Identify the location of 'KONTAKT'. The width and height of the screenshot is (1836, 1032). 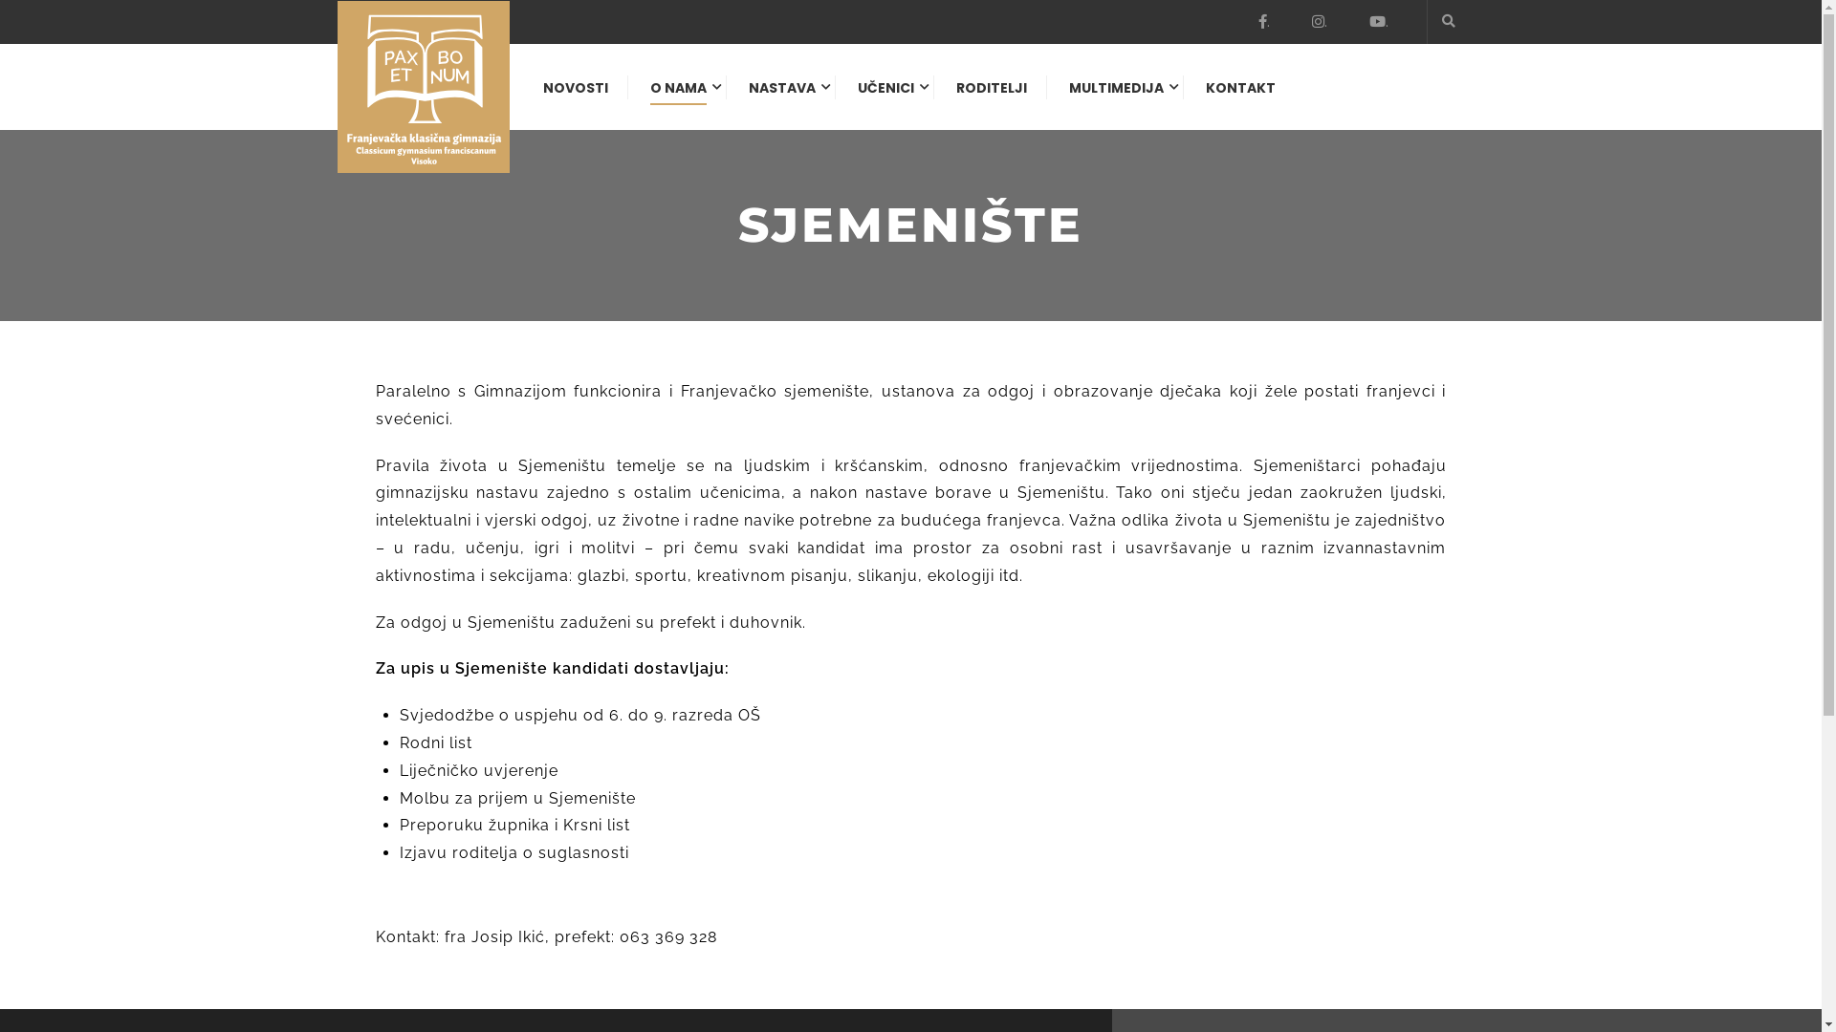
(1230, 96).